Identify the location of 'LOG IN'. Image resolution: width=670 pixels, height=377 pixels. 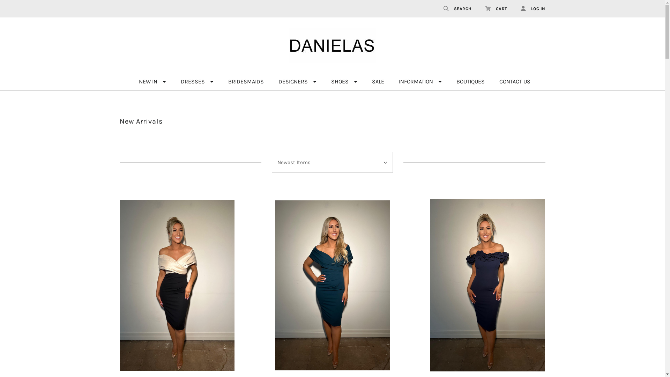
(514, 8).